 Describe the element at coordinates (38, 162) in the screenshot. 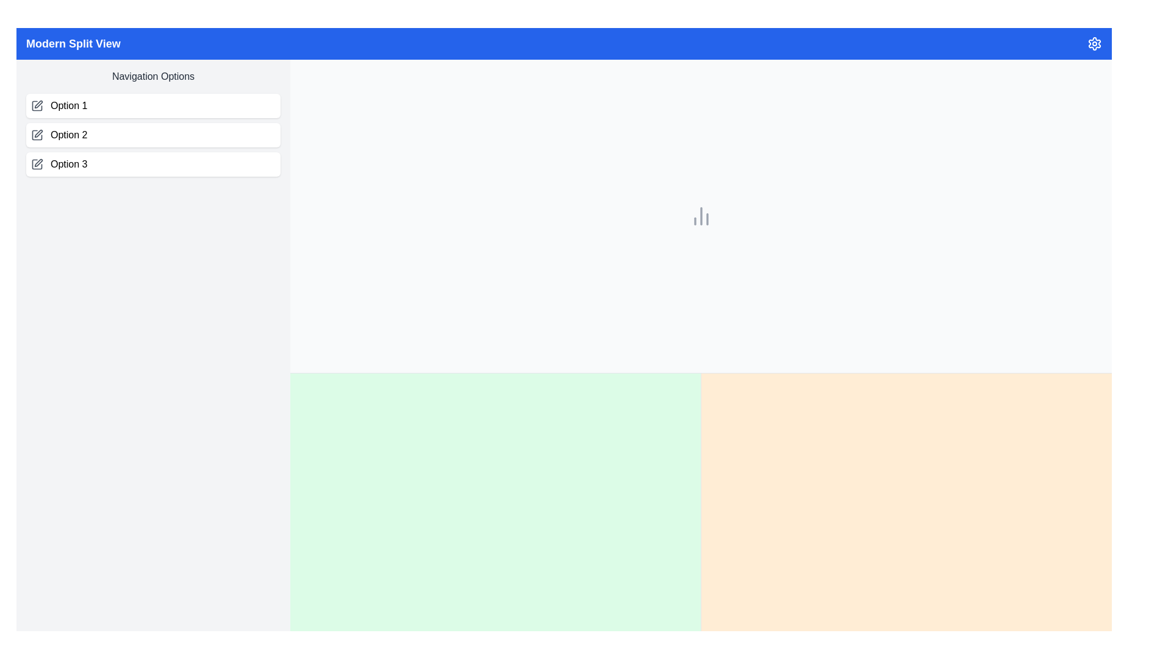

I see `the pen icon representing 'Option 3' in the left sidebar, which is located to the left of the text label 'Option 3'` at that location.